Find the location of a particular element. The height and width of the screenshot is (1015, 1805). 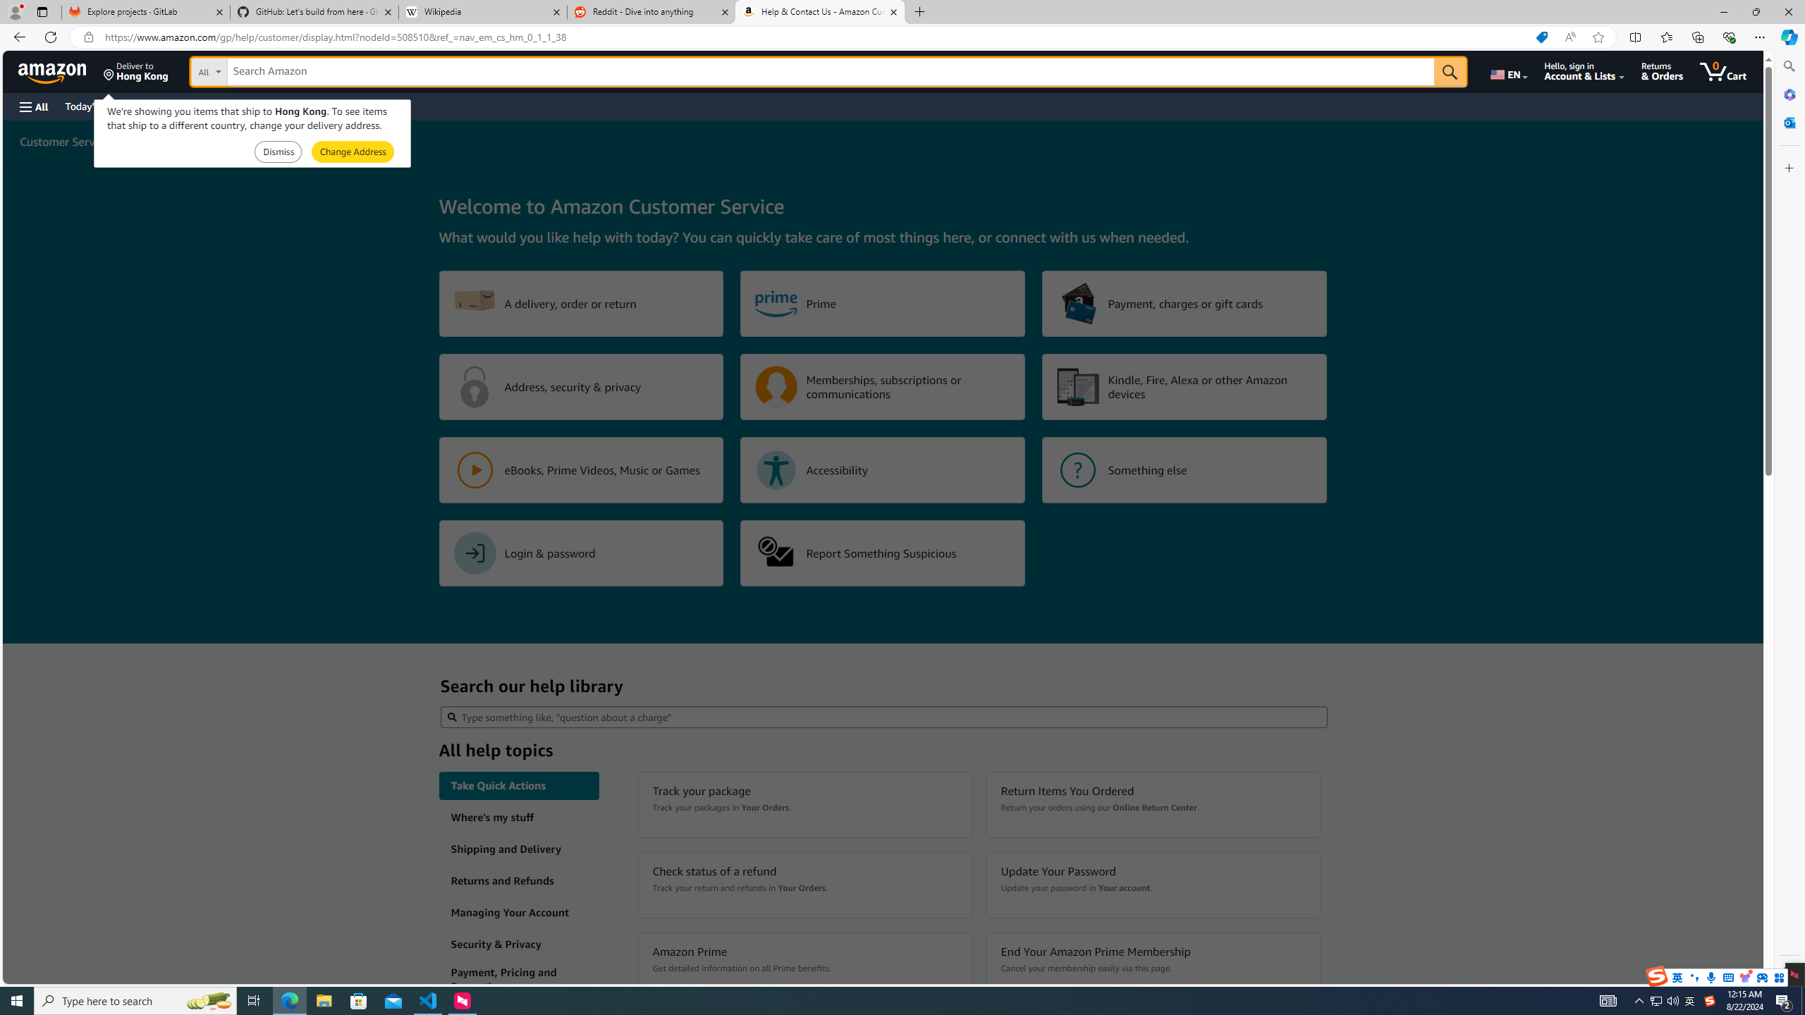

'Memberships, subscriptions or communications' is located at coordinates (882, 386).